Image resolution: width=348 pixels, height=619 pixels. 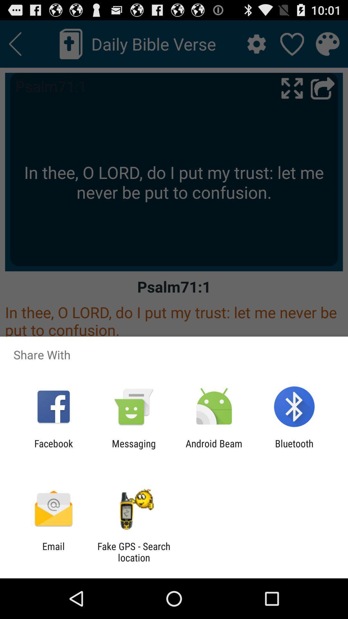 What do you see at coordinates (294, 449) in the screenshot?
I see `the icon next to the android beam app` at bounding box center [294, 449].